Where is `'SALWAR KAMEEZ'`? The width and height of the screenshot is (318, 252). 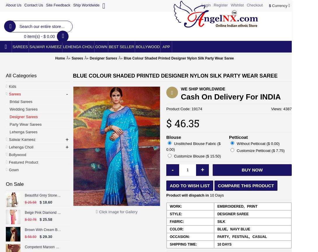 'SALWAR KAMEEZ' is located at coordinates (45, 46).